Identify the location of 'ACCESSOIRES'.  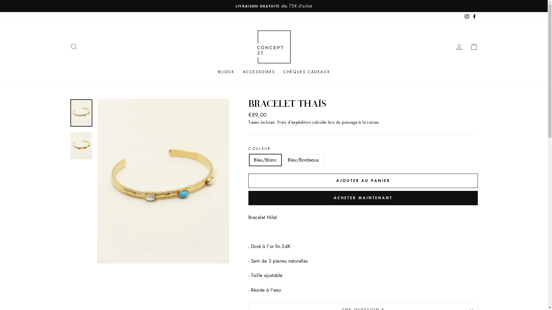
(259, 71).